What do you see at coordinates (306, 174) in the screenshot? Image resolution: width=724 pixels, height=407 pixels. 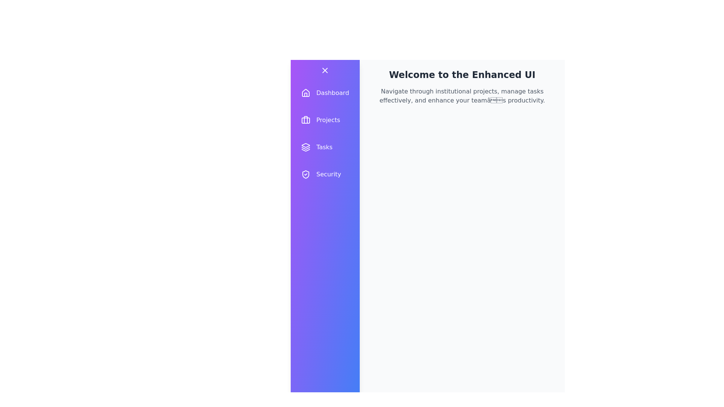 I see `the shield icon with a checkmark, located beside the 'Security' label` at bounding box center [306, 174].